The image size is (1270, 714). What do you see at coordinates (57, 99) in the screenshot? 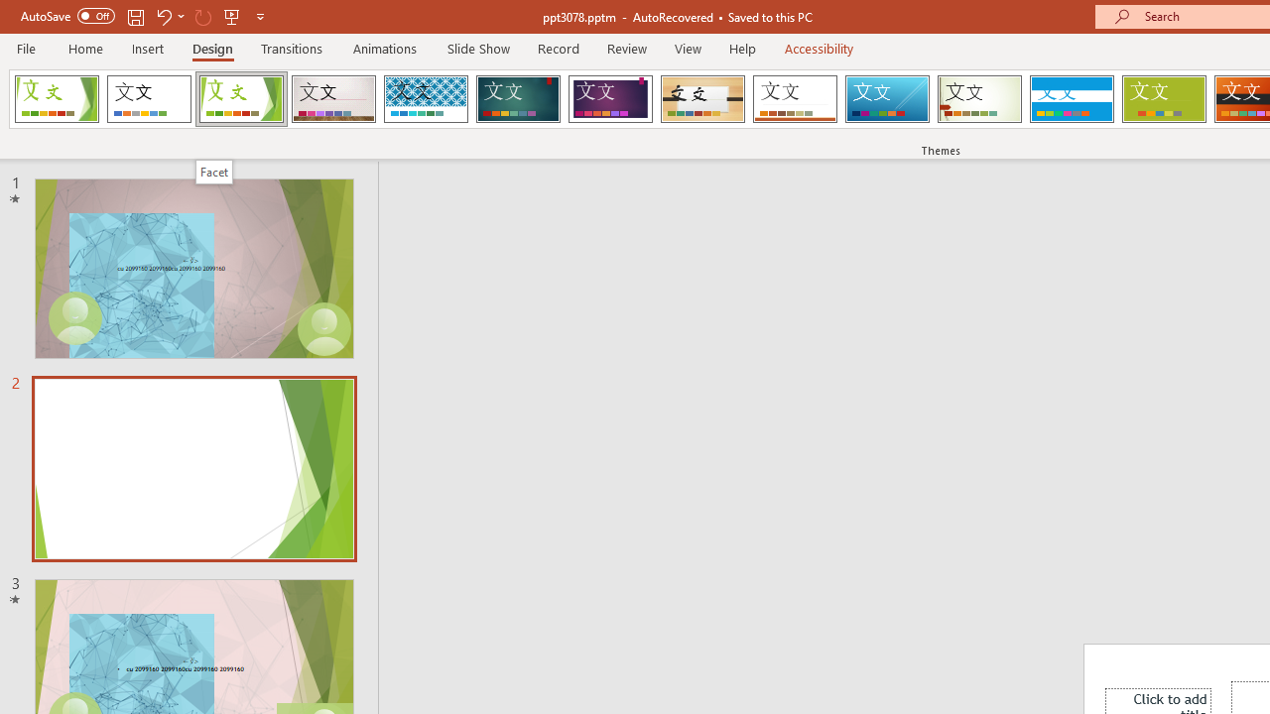
I see `'Dividend'` at bounding box center [57, 99].